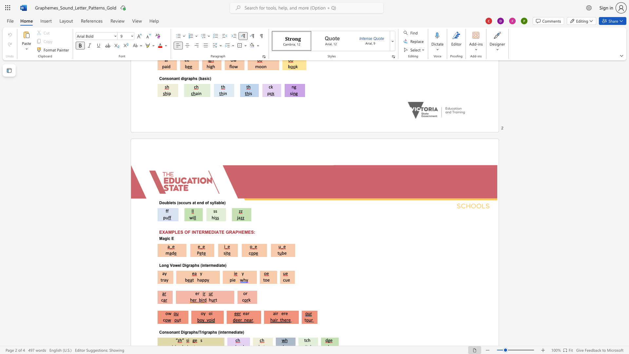 The width and height of the screenshot is (629, 354). Describe the element at coordinates (187, 265) in the screenshot. I see `the 2th character "g" in the text` at that location.